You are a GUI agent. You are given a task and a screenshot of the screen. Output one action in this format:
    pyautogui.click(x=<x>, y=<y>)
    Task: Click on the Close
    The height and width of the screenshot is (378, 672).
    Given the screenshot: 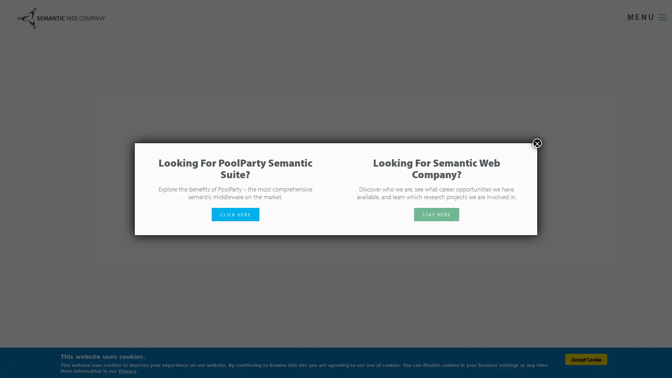 What is the action you would take?
    pyautogui.click(x=537, y=142)
    